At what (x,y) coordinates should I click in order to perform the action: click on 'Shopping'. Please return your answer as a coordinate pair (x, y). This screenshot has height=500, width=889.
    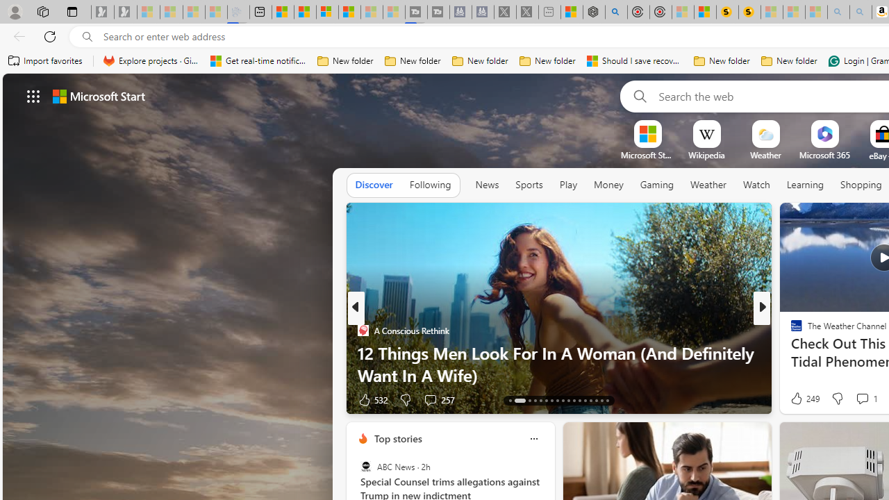
    Looking at the image, I should click on (861, 184).